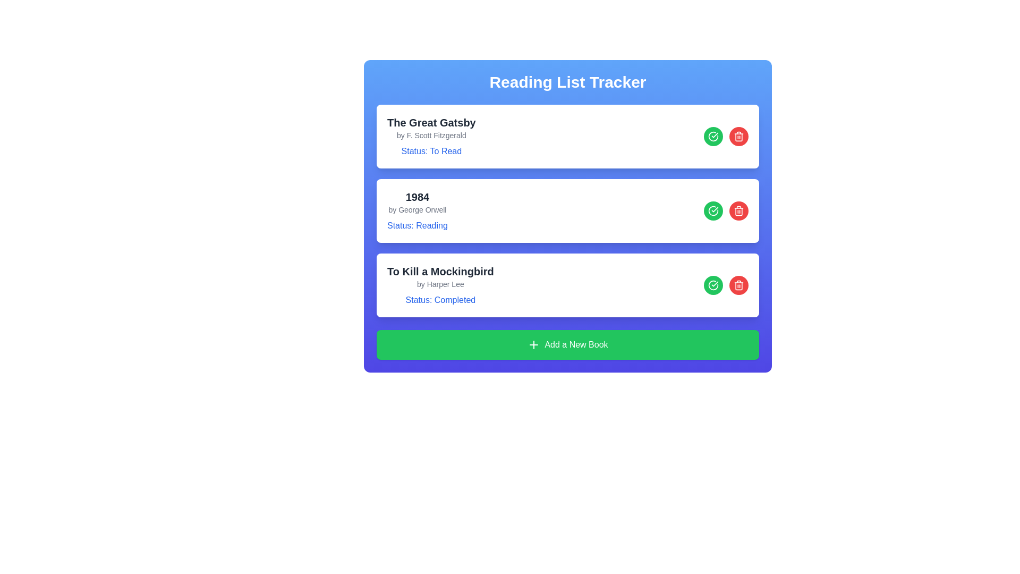  Describe the element at coordinates (738, 136) in the screenshot. I see `the circular red delete button with a trash can icon, located next to the green checkmark button` at that location.